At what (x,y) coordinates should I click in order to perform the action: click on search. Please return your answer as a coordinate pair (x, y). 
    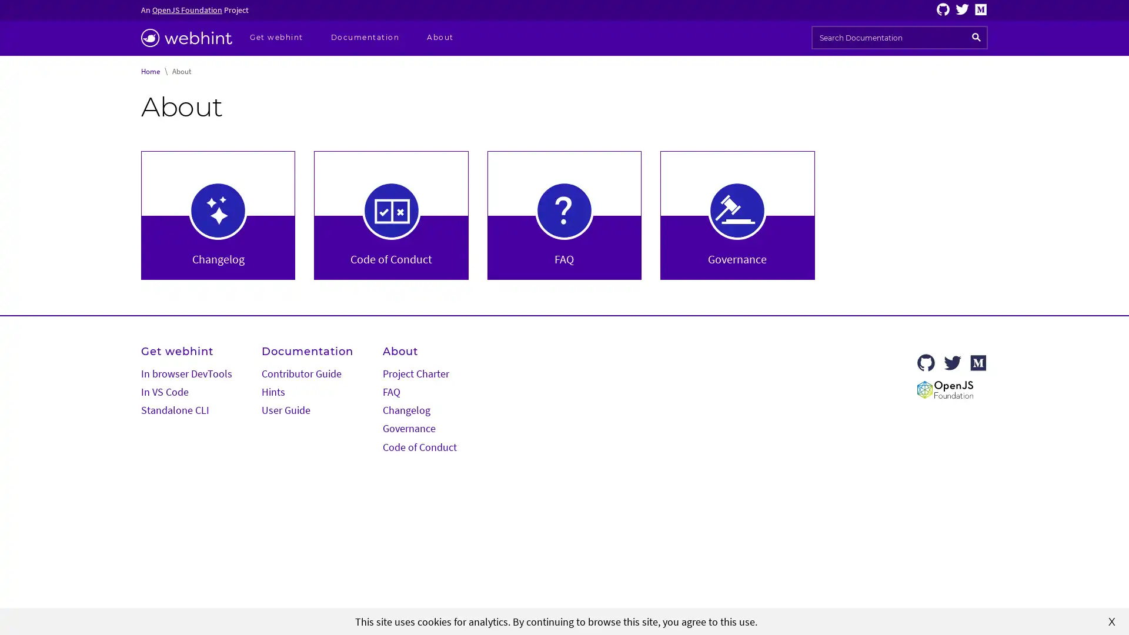
    Looking at the image, I should click on (976, 37).